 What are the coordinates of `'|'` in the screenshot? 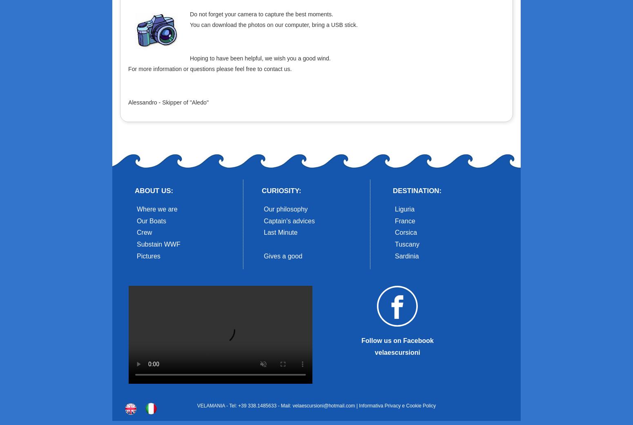 It's located at (357, 406).